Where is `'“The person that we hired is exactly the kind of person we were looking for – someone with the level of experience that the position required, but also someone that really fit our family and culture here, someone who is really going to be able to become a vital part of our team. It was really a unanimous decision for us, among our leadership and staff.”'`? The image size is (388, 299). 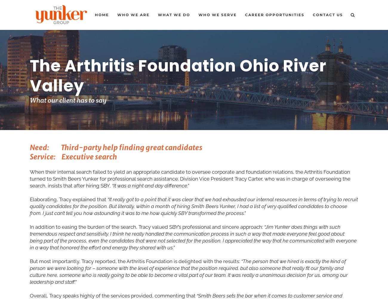
'“The person that we hired is exactly the kind of person we were looking for – someone with the level of experience that the position required, but also someone that really fit our family and culture here, someone who is really going to be able to become a vital part of our team. It was really a unanimous decision for us, among our leadership and staff.”' is located at coordinates (30, 271).